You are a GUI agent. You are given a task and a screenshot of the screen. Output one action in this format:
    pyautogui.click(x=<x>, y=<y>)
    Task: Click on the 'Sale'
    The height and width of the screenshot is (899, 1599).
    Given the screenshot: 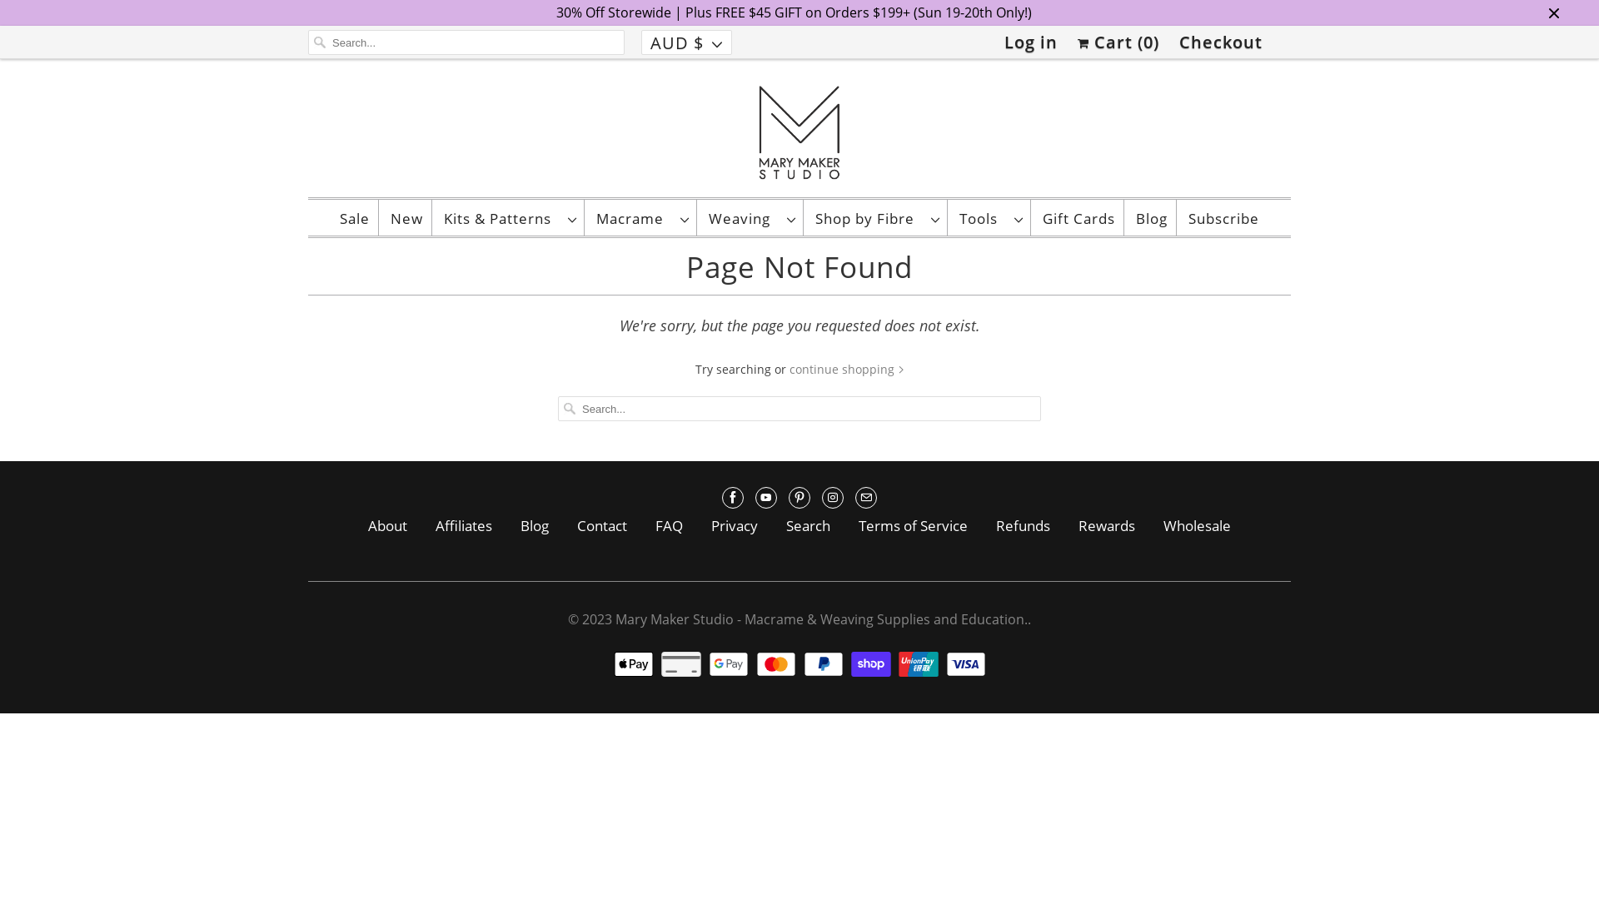 What is the action you would take?
    pyautogui.click(x=354, y=217)
    